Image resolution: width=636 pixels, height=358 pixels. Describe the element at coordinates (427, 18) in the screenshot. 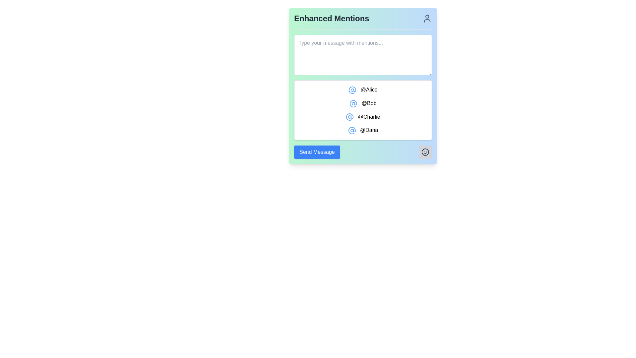

I see `the user-related icon located at the top-right corner of the 'Enhanced Mentions' header` at that location.